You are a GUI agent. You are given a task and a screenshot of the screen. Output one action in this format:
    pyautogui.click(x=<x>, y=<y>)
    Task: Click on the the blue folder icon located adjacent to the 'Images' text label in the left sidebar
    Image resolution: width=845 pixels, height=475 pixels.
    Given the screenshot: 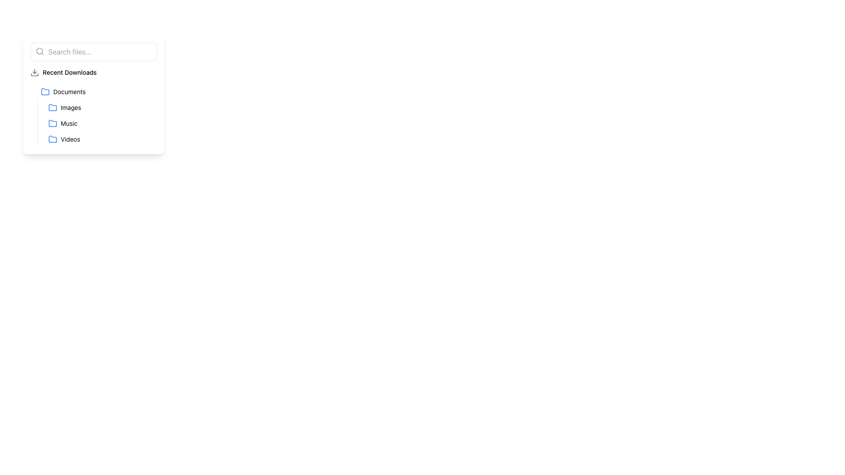 What is the action you would take?
    pyautogui.click(x=52, y=107)
    